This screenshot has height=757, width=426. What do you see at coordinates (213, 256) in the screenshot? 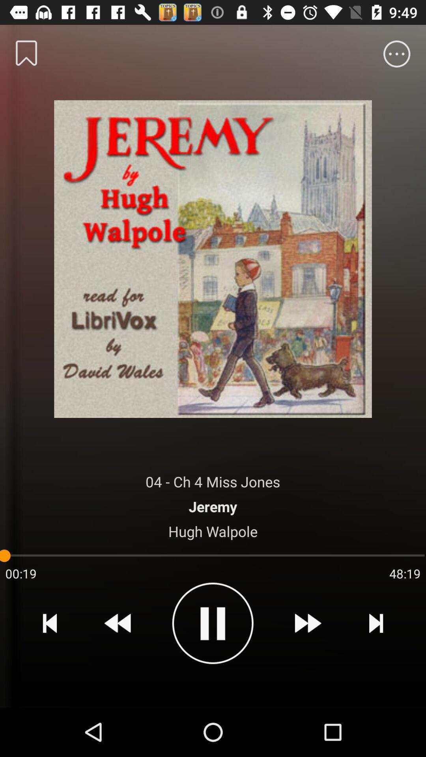
I see `item above 04 ch 4 icon` at bounding box center [213, 256].